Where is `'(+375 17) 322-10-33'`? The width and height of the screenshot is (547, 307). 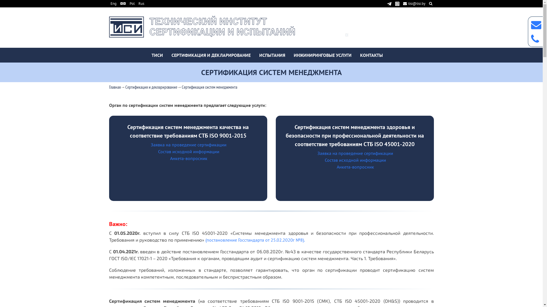
'(+375 17) 322-10-33' is located at coordinates (344, 20).